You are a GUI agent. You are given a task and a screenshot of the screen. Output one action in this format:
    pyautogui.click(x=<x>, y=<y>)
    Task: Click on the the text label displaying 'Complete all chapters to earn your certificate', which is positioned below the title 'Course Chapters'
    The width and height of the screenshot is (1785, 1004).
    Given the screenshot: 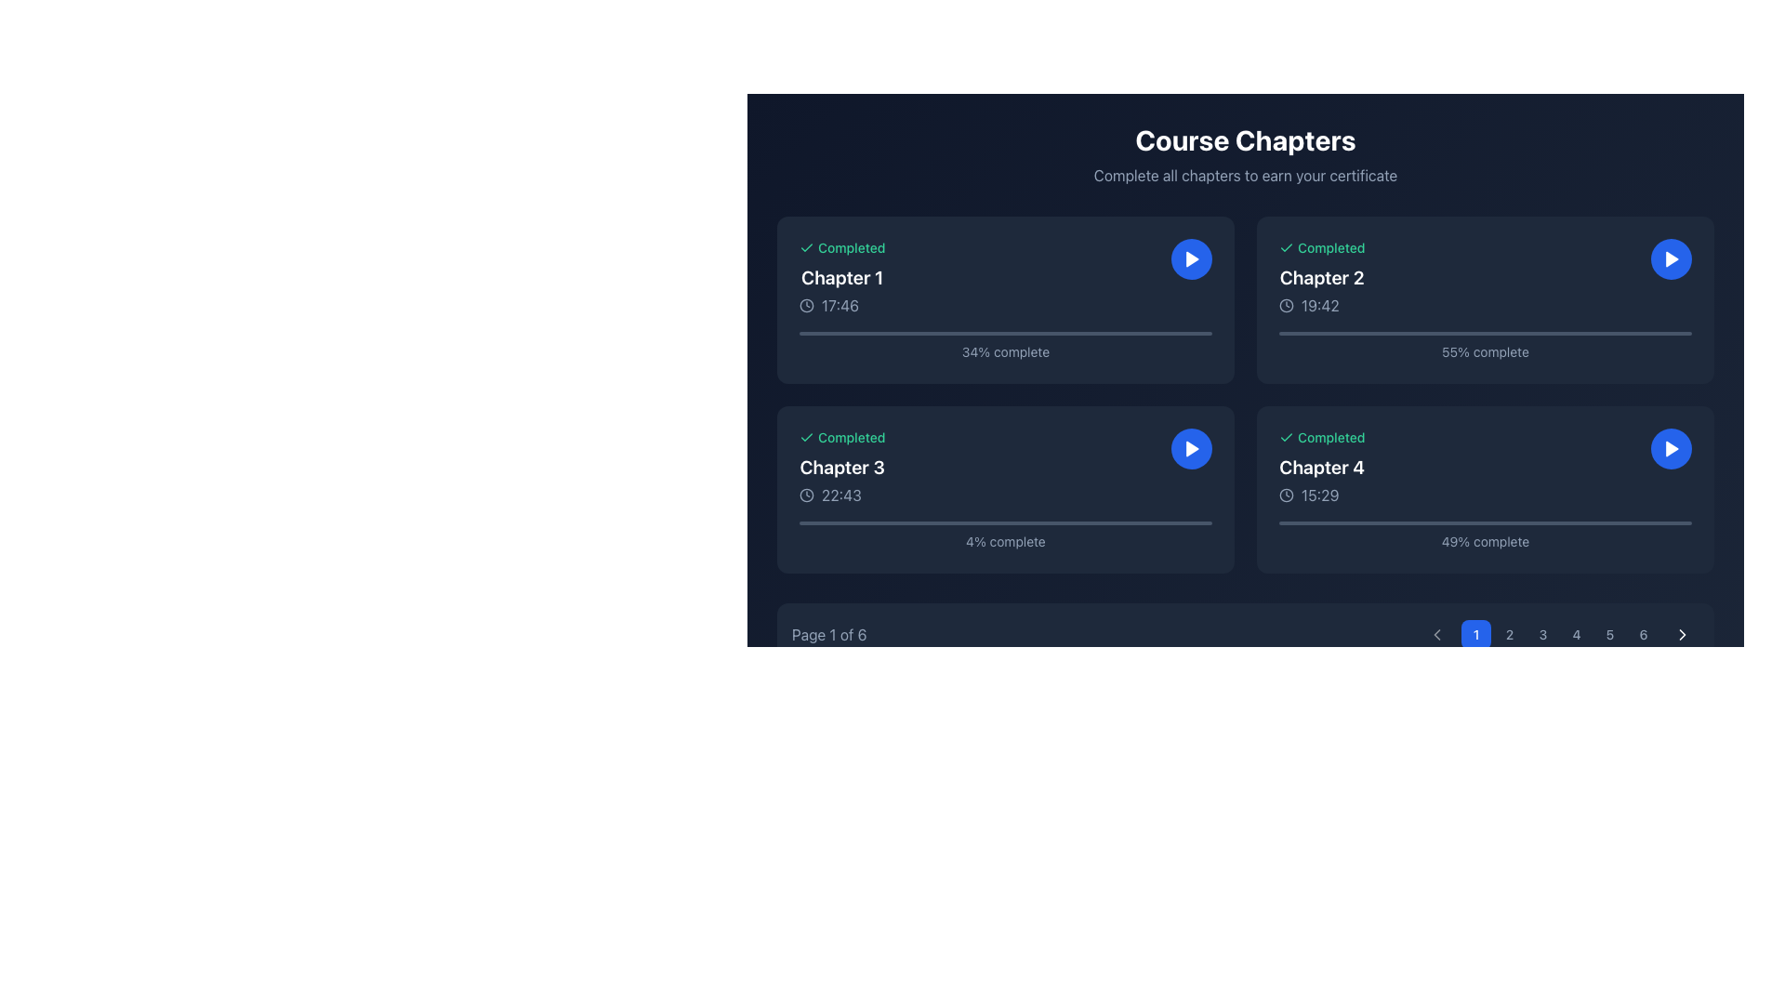 What is the action you would take?
    pyautogui.click(x=1245, y=176)
    